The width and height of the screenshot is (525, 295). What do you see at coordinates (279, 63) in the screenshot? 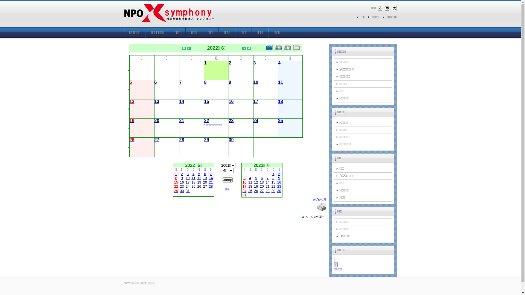
I see `'4'` at bounding box center [279, 63].